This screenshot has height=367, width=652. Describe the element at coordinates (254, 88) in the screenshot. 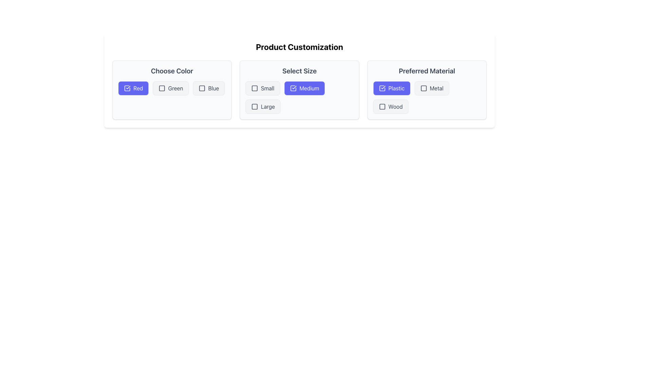

I see `the checkbox for the 'Small' size option in the 'Select Size' section of the 'Product Customization' interface` at that location.